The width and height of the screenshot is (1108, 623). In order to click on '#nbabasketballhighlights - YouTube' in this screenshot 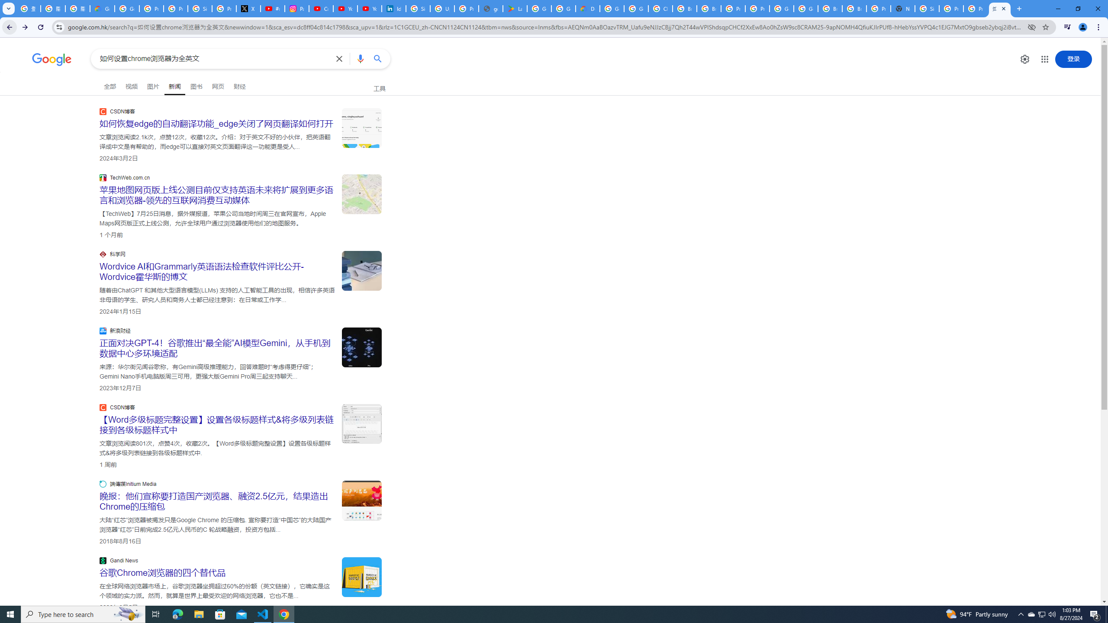, I will do `click(273, 8)`.